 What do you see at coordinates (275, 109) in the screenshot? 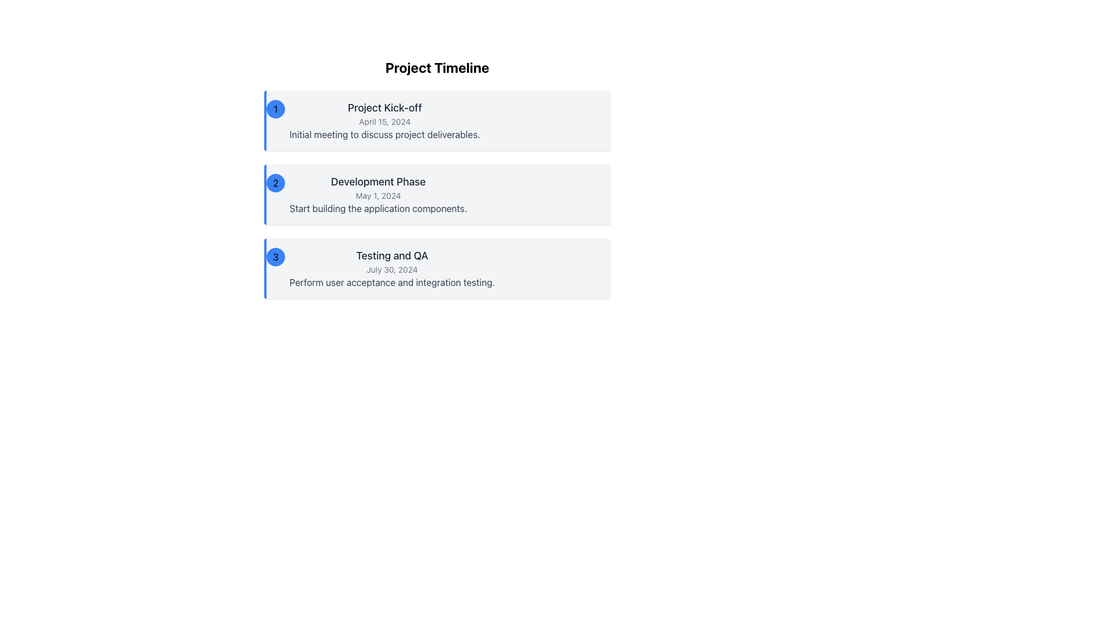
I see `the circular badge displaying the number '1' which is located to the far left of the 'Project Timeline' entry` at bounding box center [275, 109].